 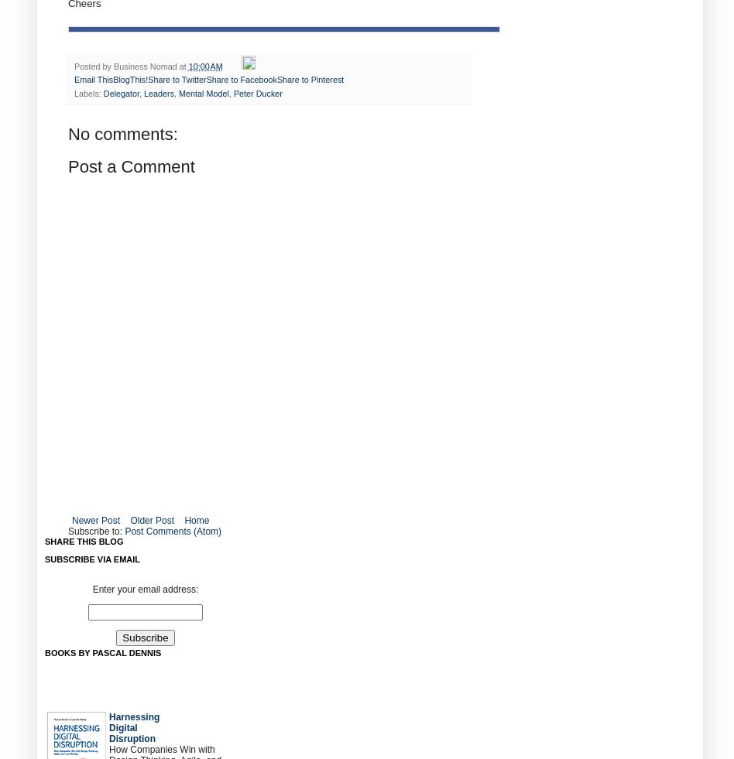 What do you see at coordinates (95, 531) in the screenshot?
I see `'Subscribe to:'` at bounding box center [95, 531].